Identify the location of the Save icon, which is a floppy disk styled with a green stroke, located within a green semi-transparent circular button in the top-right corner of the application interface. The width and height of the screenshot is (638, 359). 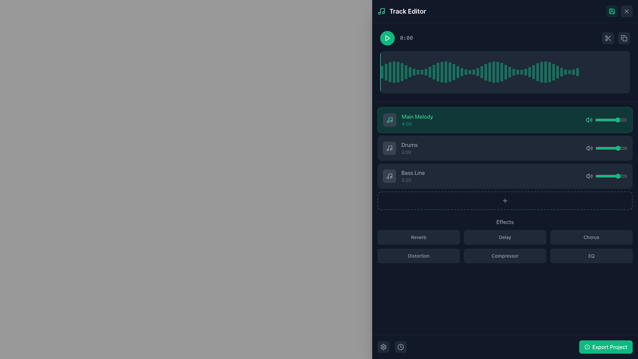
(612, 11).